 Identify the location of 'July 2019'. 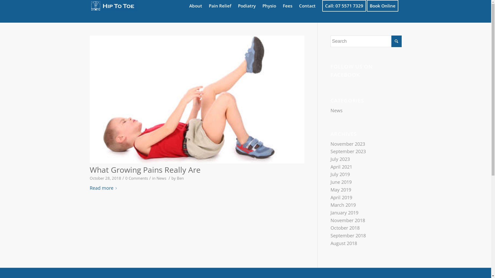
(340, 174).